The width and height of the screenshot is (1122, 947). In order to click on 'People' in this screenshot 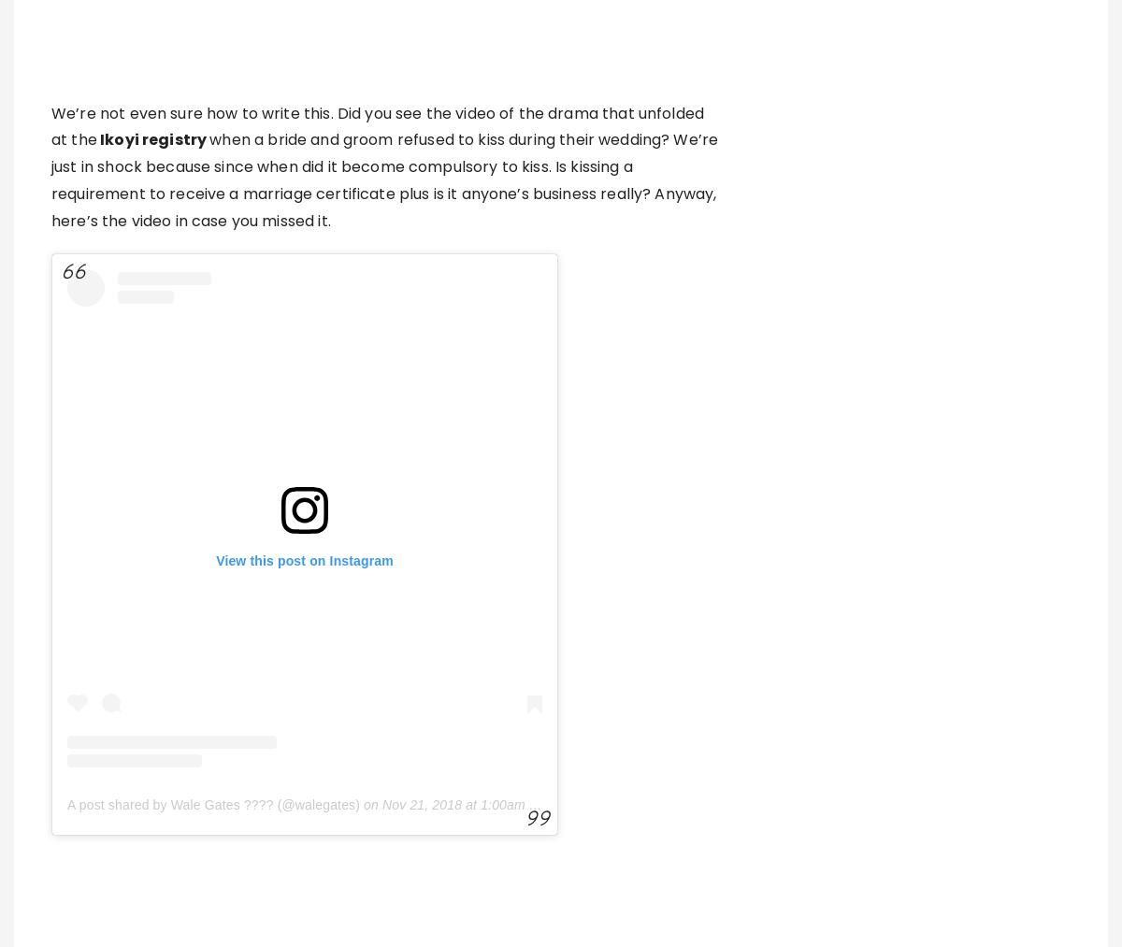, I will do `click(384, 847)`.